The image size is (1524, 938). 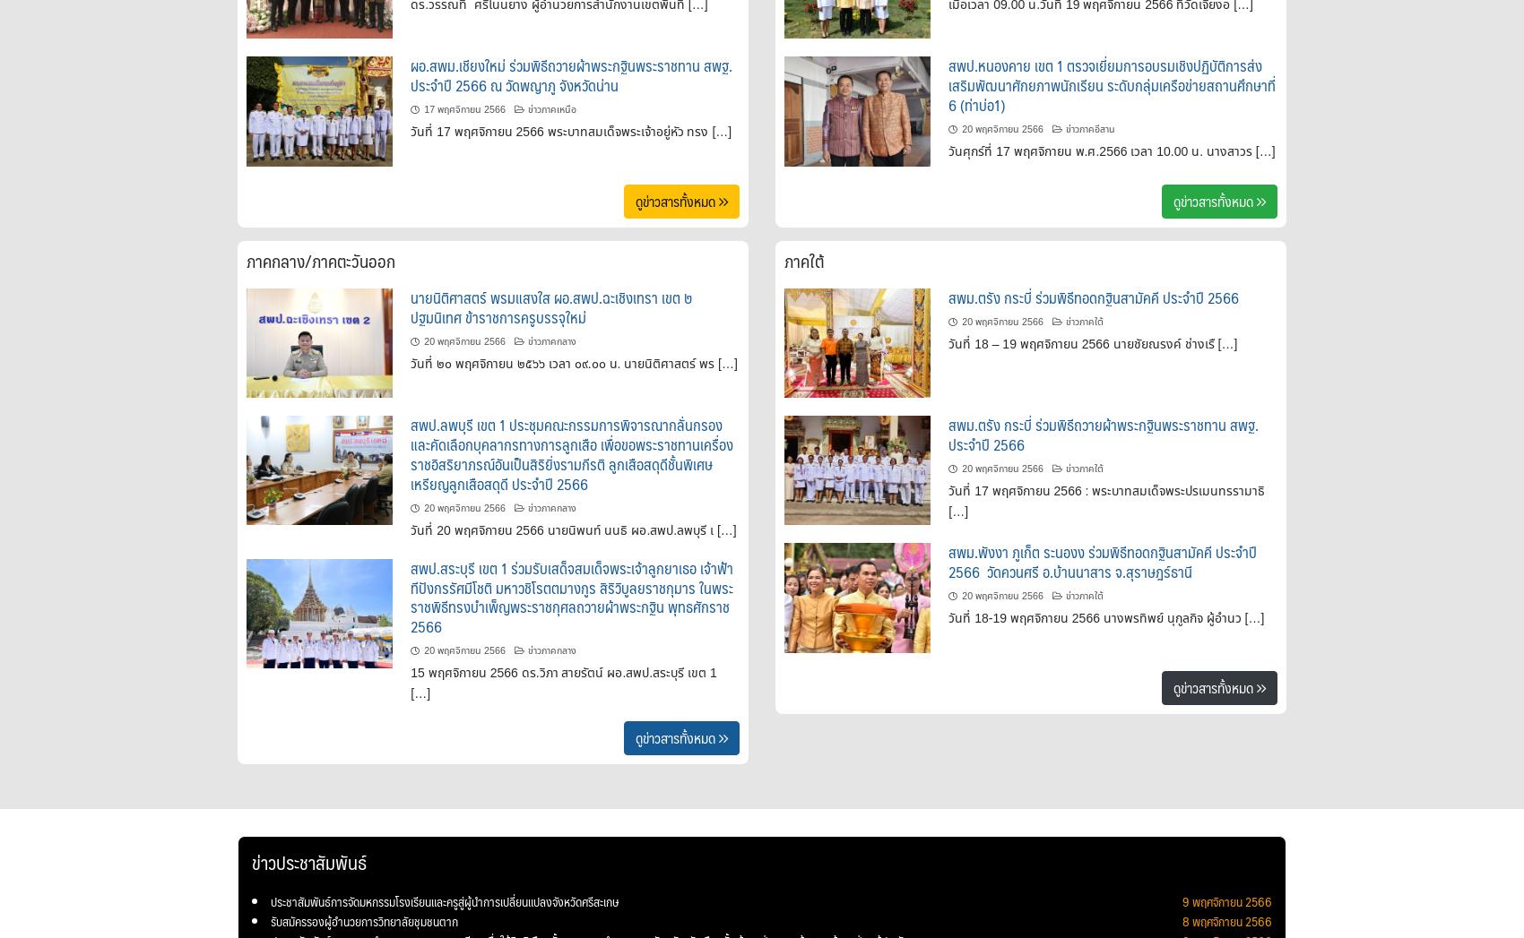 What do you see at coordinates (572, 596) in the screenshot?
I see `'สพป.สระบุรี เขต 1 ร่วมรับเสด็จสมเด็จพระเจ้าลูกยาเธอ เจ้าฟ้าทีปังกรรัศมีโชติ มหาวชิโรตตมางกูร สิริวิบูลยราชกุมาร ในพระราชพิธีทรงบำเพ็ญพระราชกุศลถวายผ้าพระกฐิน พุทธศักราช 2566'` at bounding box center [572, 596].